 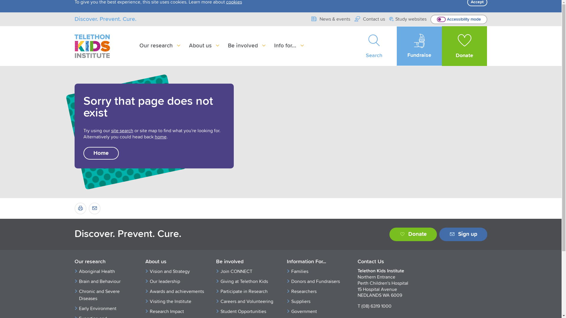 What do you see at coordinates (220, 291) in the screenshot?
I see `'Participate in Research'` at bounding box center [220, 291].